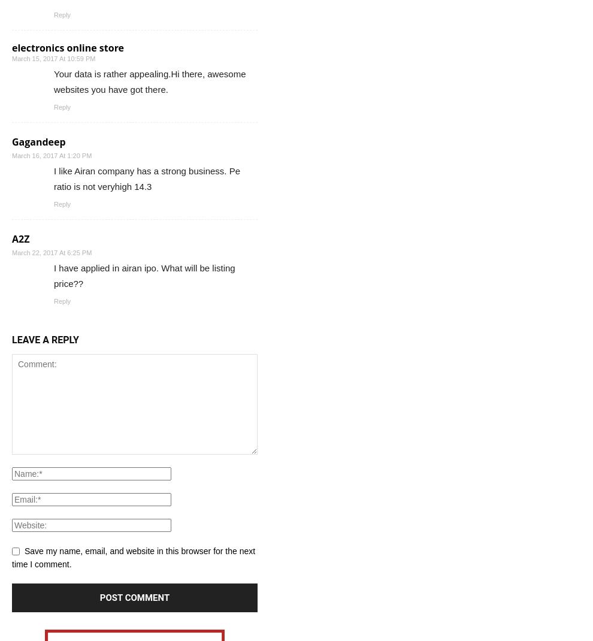 Image resolution: width=593 pixels, height=641 pixels. Describe the element at coordinates (38, 141) in the screenshot. I see `'Gagandeep'` at that location.